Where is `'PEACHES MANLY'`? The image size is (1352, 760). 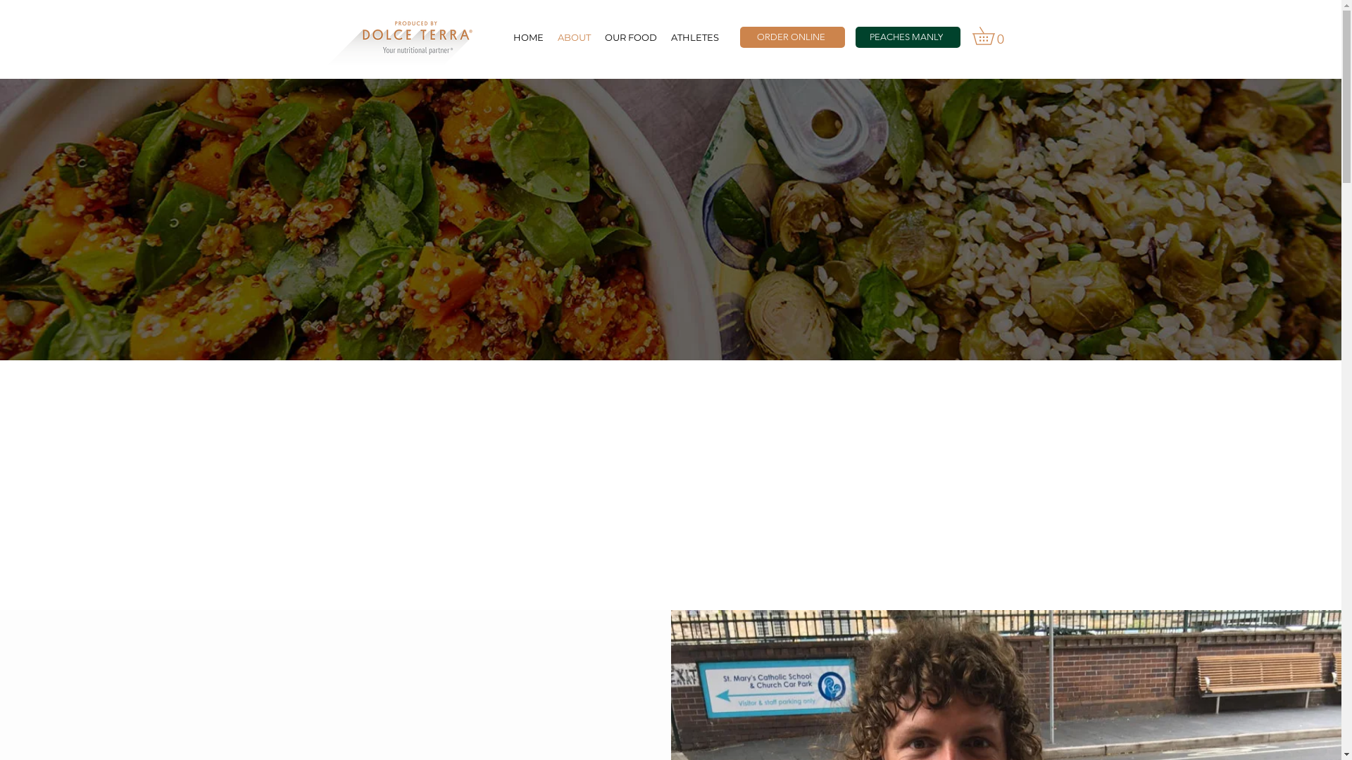
'PEACHES MANLY' is located at coordinates (907, 37).